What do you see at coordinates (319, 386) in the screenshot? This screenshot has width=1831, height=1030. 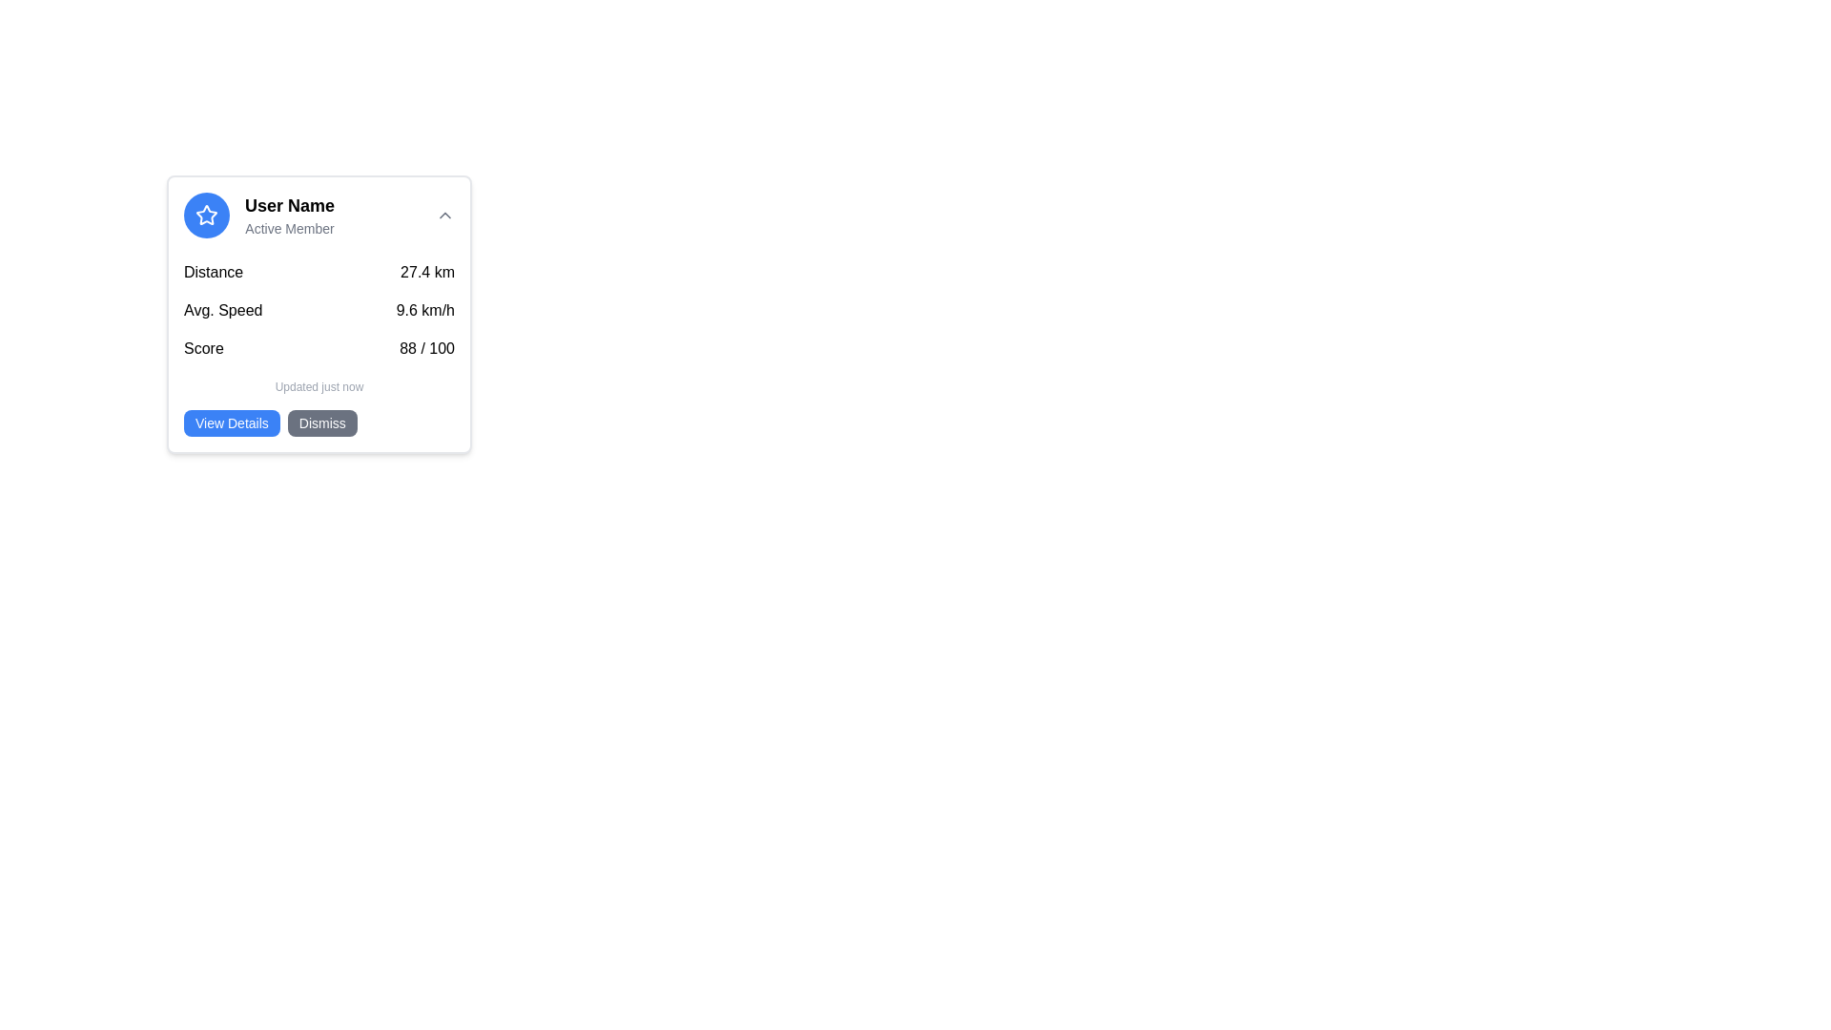 I see `the small text label displaying 'Updated just now', which is positioned below the 'Score' row and above the 'View Details' and 'Dismiss' buttons` at bounding box center [319, 386].